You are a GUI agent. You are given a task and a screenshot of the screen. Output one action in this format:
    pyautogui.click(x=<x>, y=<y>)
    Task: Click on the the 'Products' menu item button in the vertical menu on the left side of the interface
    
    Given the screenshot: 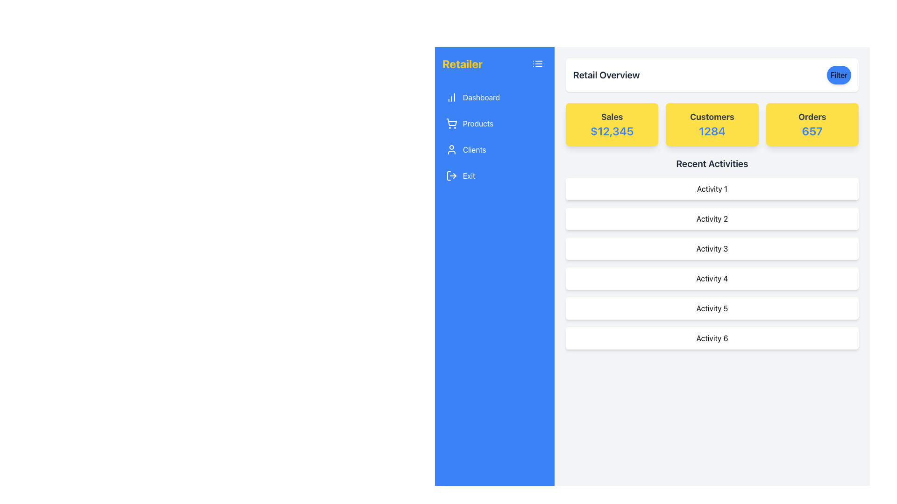 What is the action you would take?
    pyautogui.click(x=494, y=123)
    